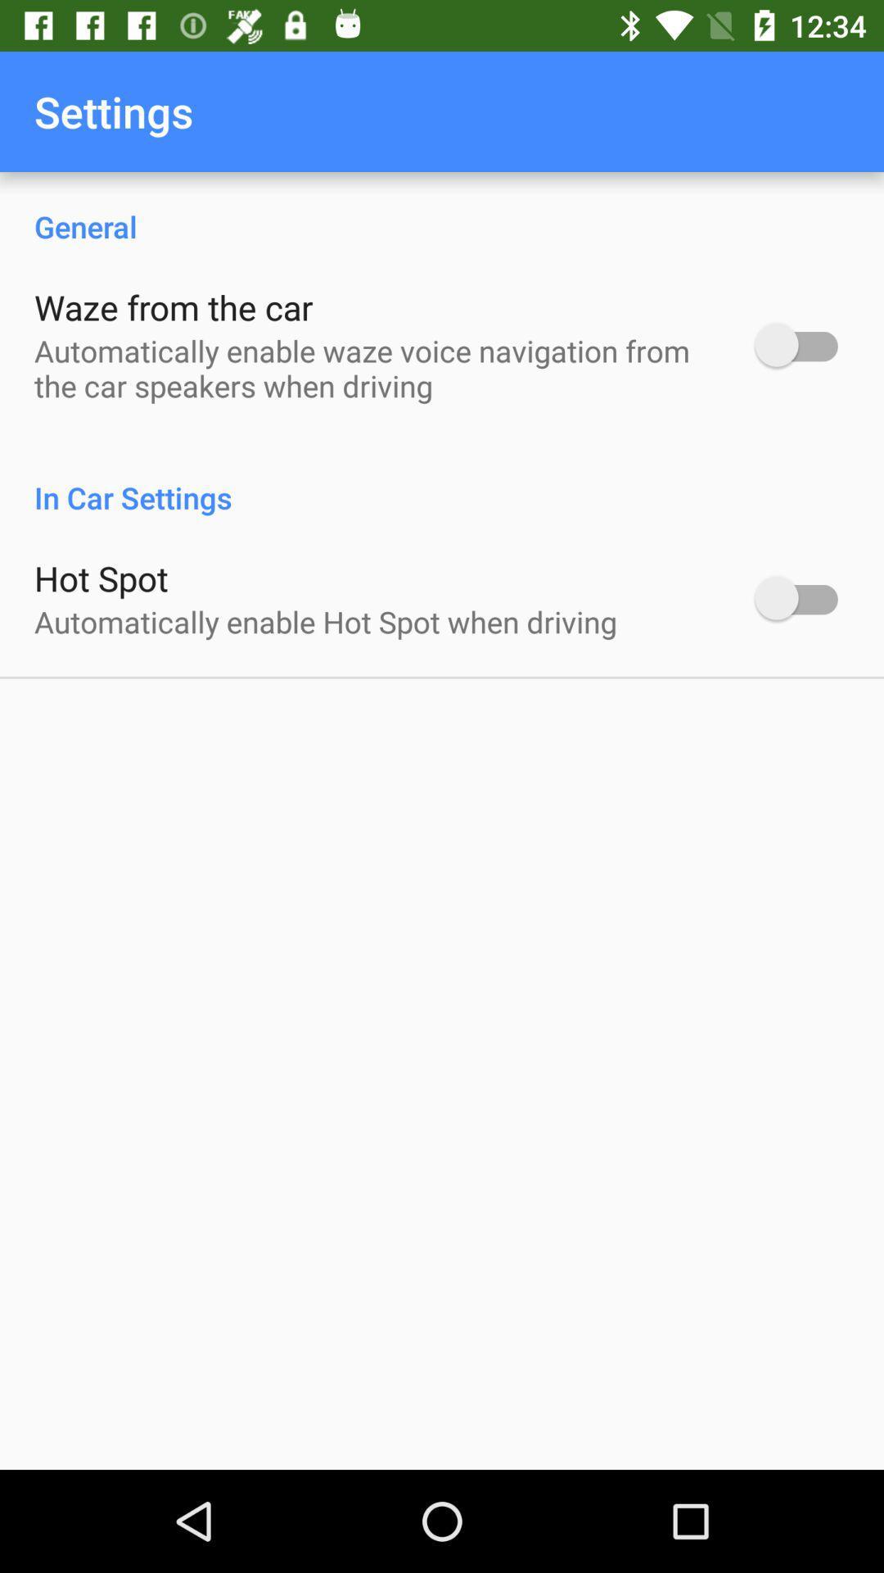 The image size is (884, 1573). What do you see at coordinates (442, 208) in the screenshot?
I see `general` at bounding box center [442, 208].